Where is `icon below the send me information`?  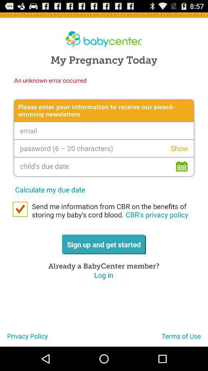 icon below the send me information is located at coordinates (185, 339).